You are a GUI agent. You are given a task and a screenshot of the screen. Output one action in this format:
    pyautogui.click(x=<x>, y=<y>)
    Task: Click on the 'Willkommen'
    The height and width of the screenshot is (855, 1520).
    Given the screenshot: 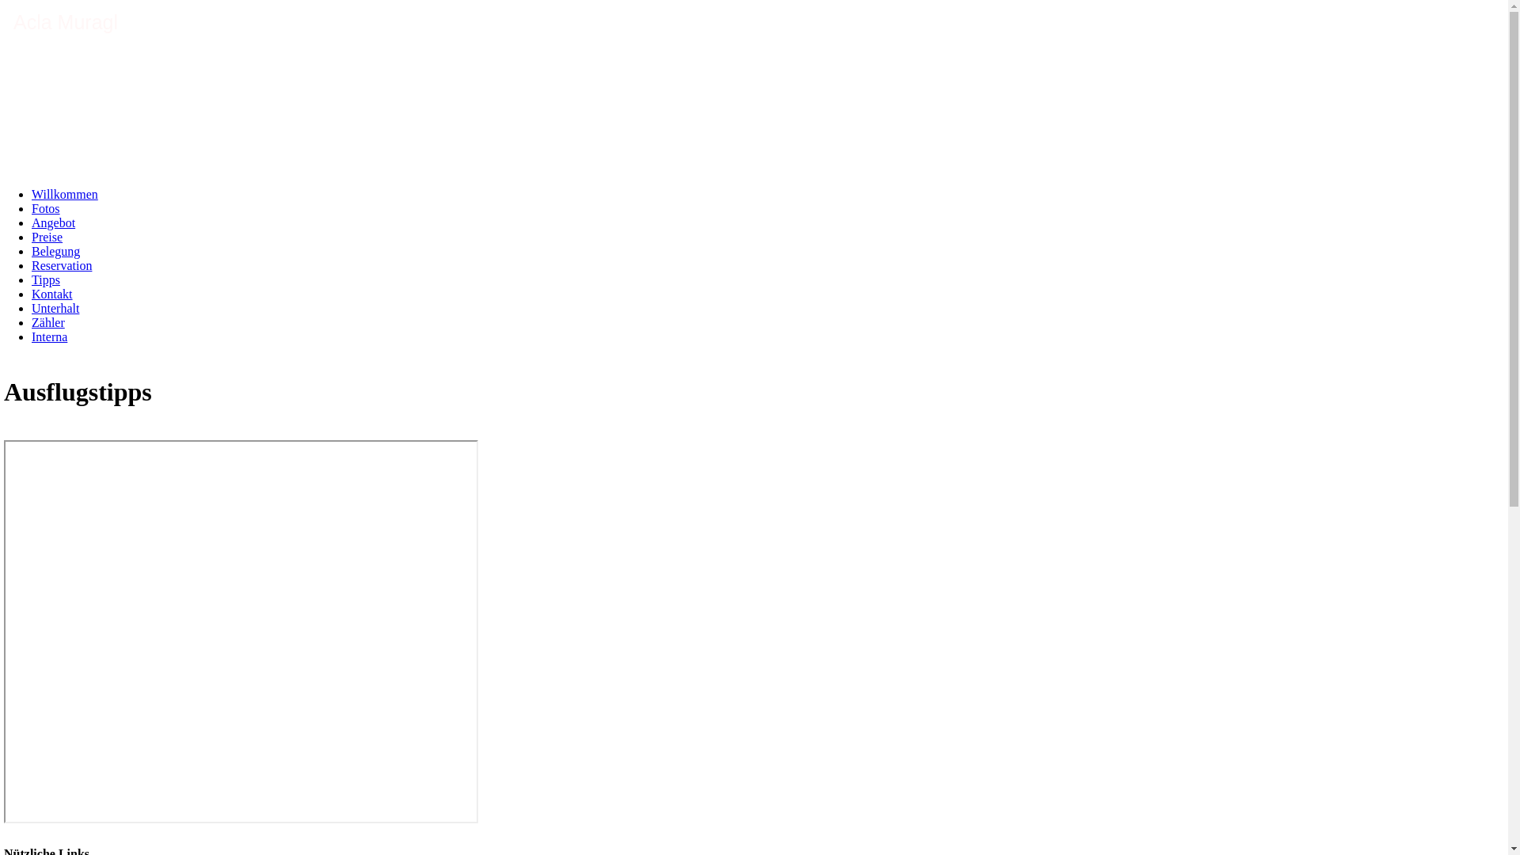 What is the action you would take?
    pyautogui.click(x=63, y=193)
    